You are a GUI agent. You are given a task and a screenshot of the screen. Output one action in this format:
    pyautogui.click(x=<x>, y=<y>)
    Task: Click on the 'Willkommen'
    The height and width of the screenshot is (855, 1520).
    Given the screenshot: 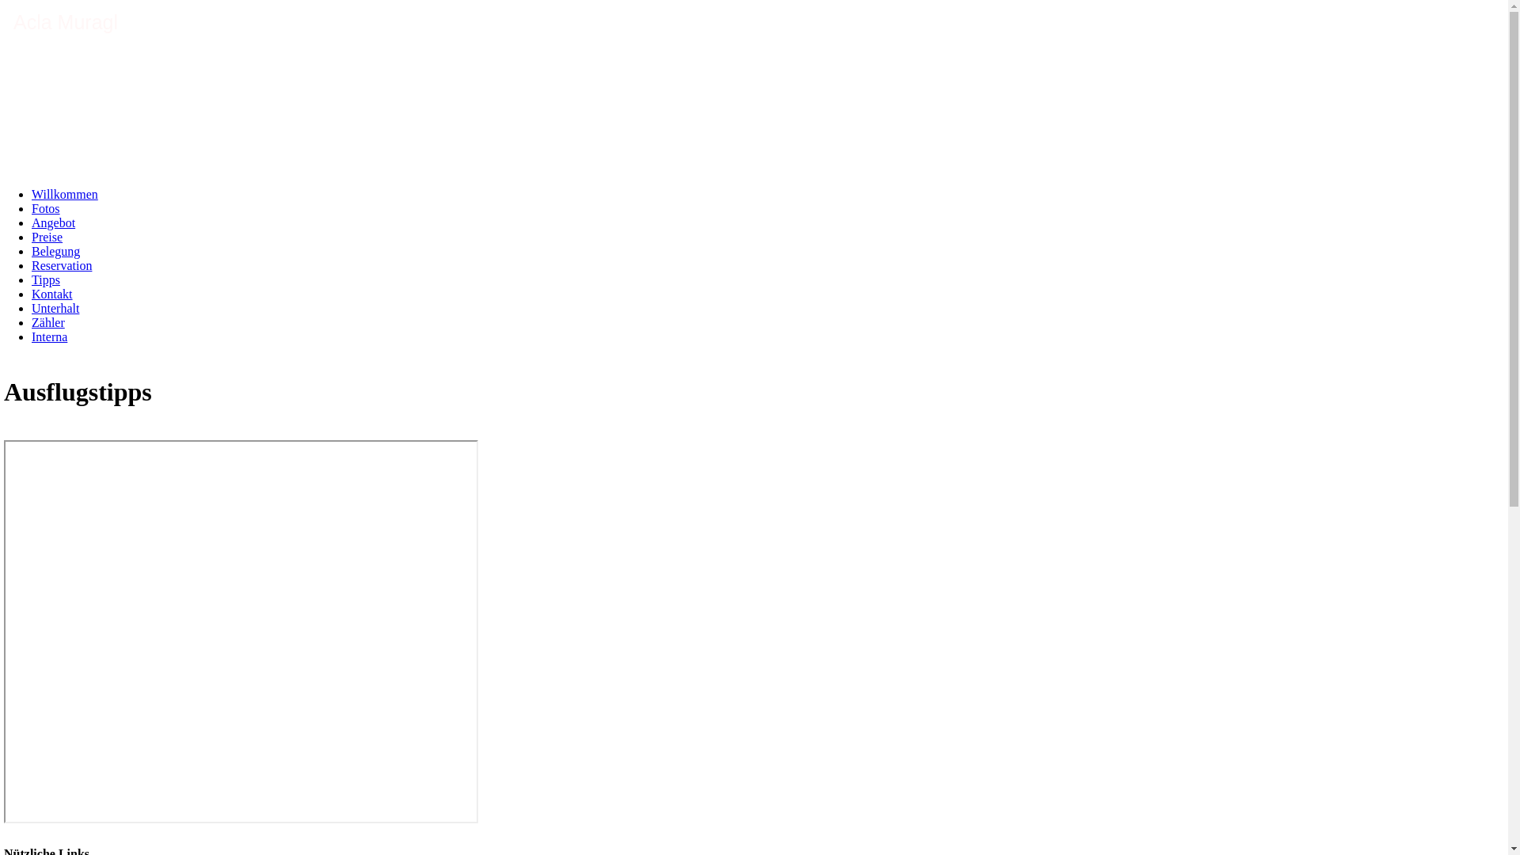 What is the action you would take?
    pyautogui.click(x=63, y=193)
    